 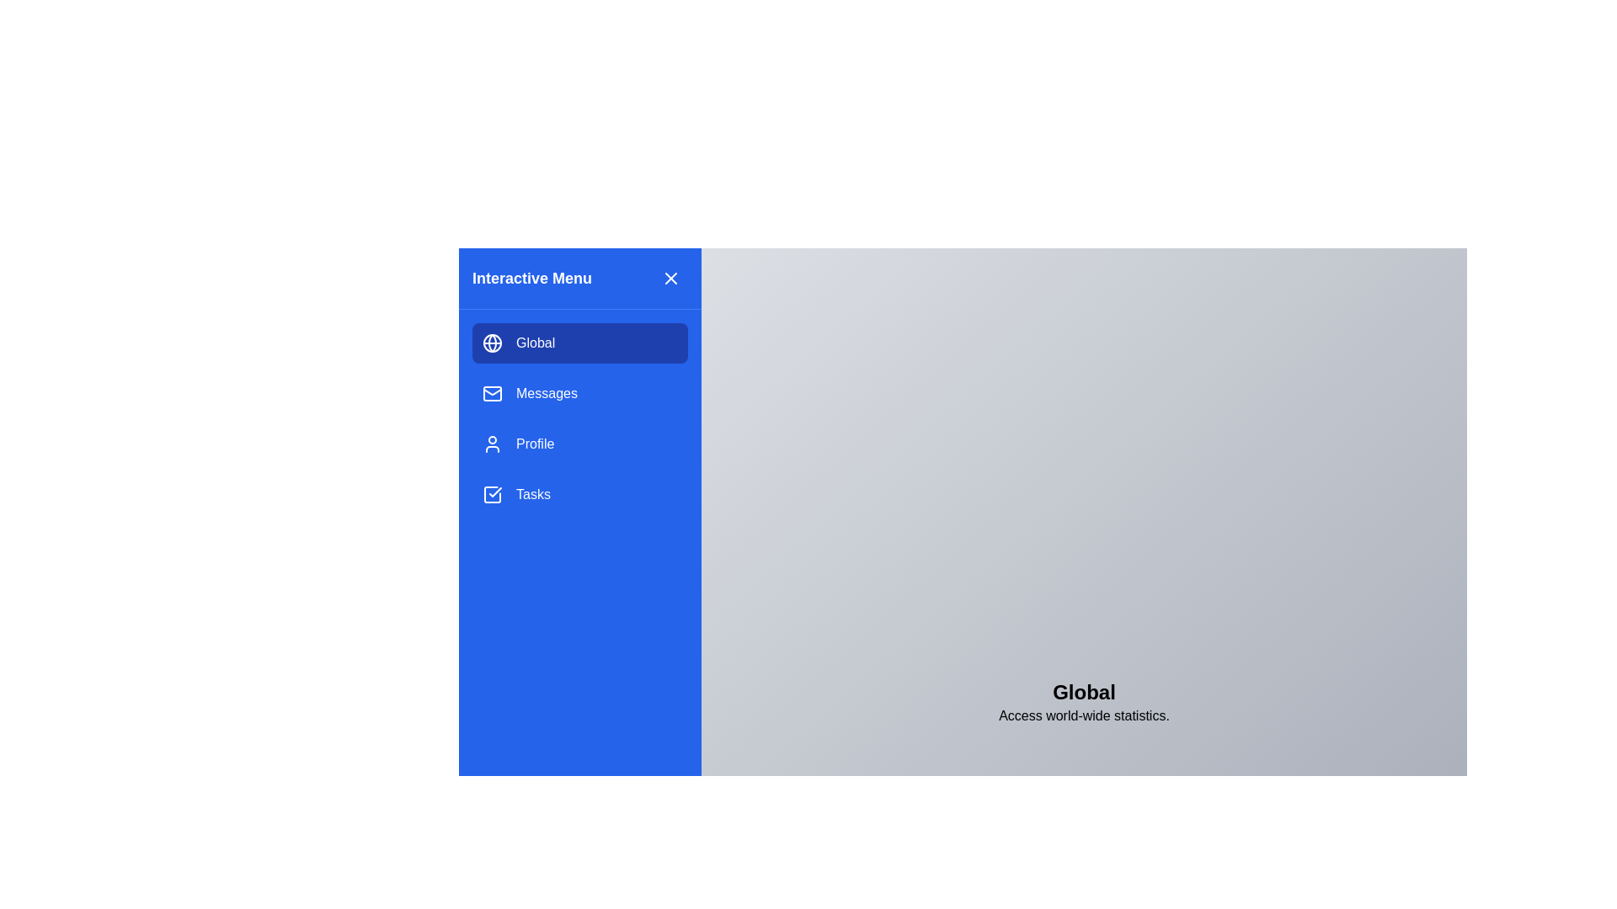 What do you see at coordinates (580, 493) in the screenshot?
I see `the 'Tasks' navigation link located in the vertical sidebar menu, positioned below 'Profile' and above further options` at bounding box center [580, 493].